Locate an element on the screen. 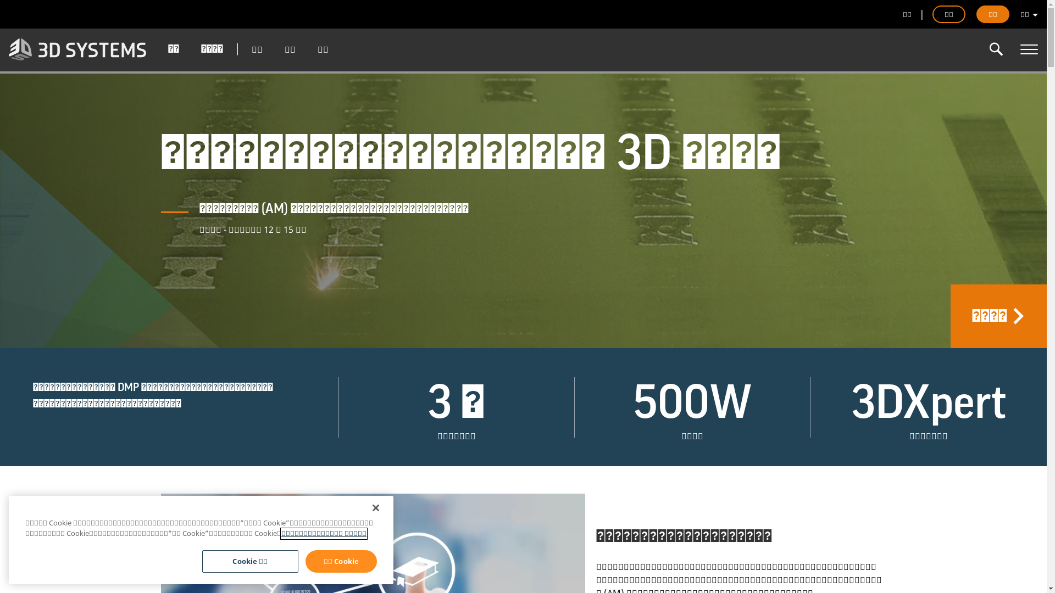 This screenshot has height=593, width=1055. 'Enter the terms you wish to search for.' is located at coordinates (996, 48).